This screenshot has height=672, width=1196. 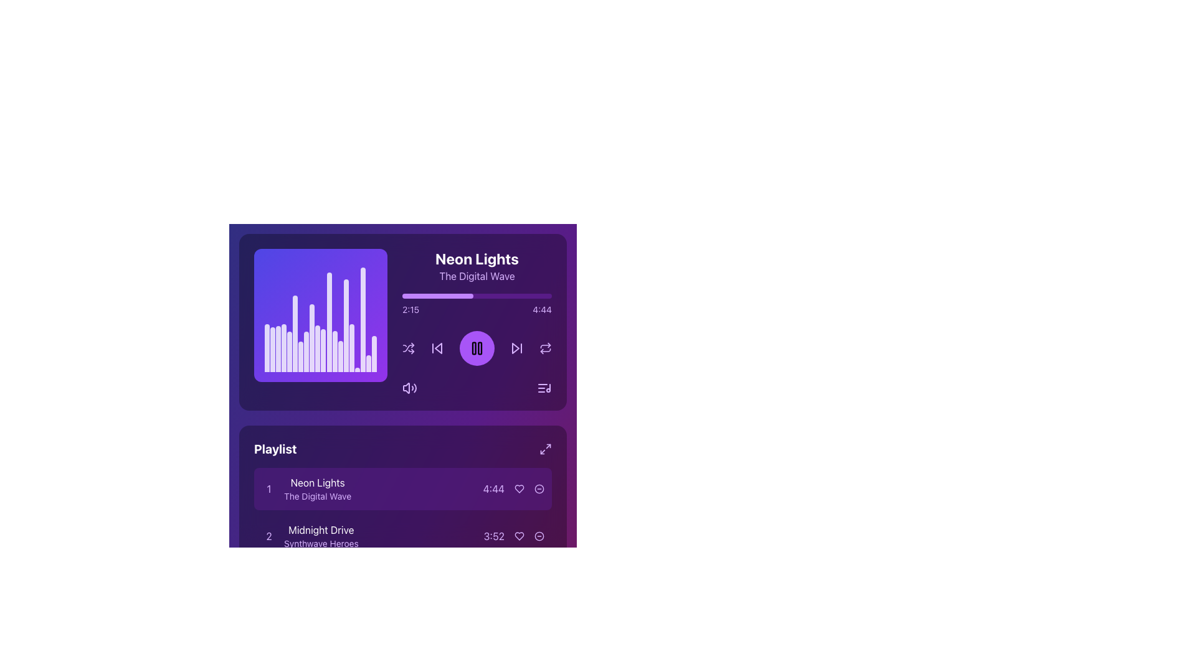 What do you see at coordinates (318, 348) in the screenshot?
I see `the tenth audio visualizer bar, which dynamically changes height to represent audio frequencies, positioned slightly to the right of the middle in the visualizer region` at bounding box center [318, 348].